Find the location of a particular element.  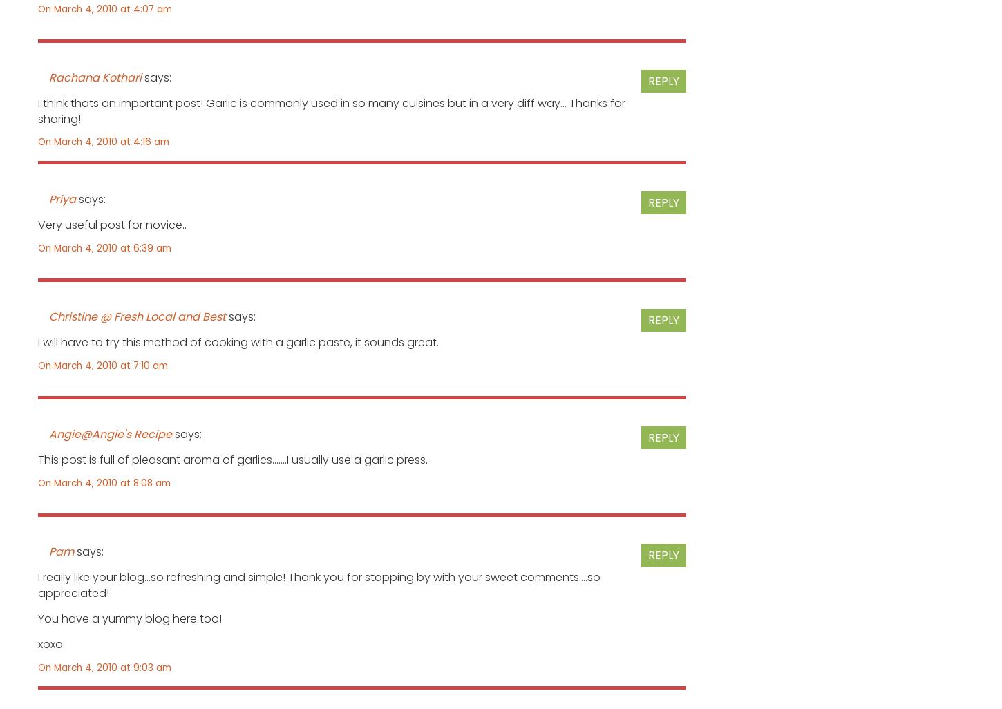

'On March 4, 2010 at 4:16 am' is located at coordinates (102, 141).